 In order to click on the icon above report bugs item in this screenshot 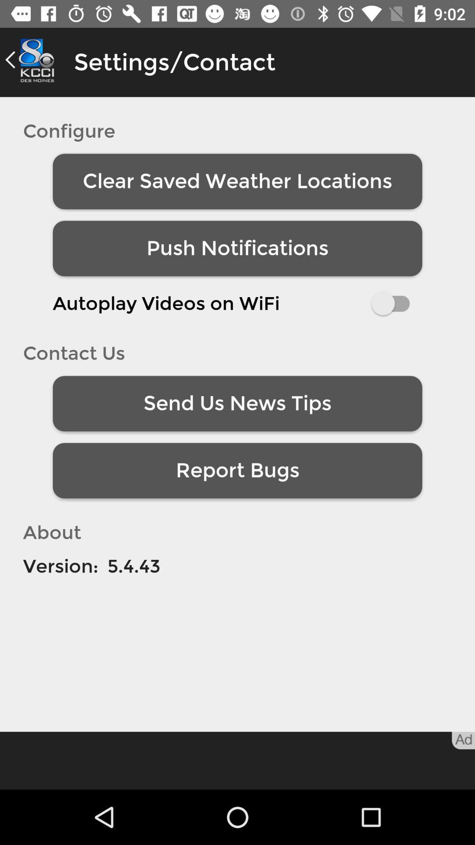, I will do `click(237, 403)`.